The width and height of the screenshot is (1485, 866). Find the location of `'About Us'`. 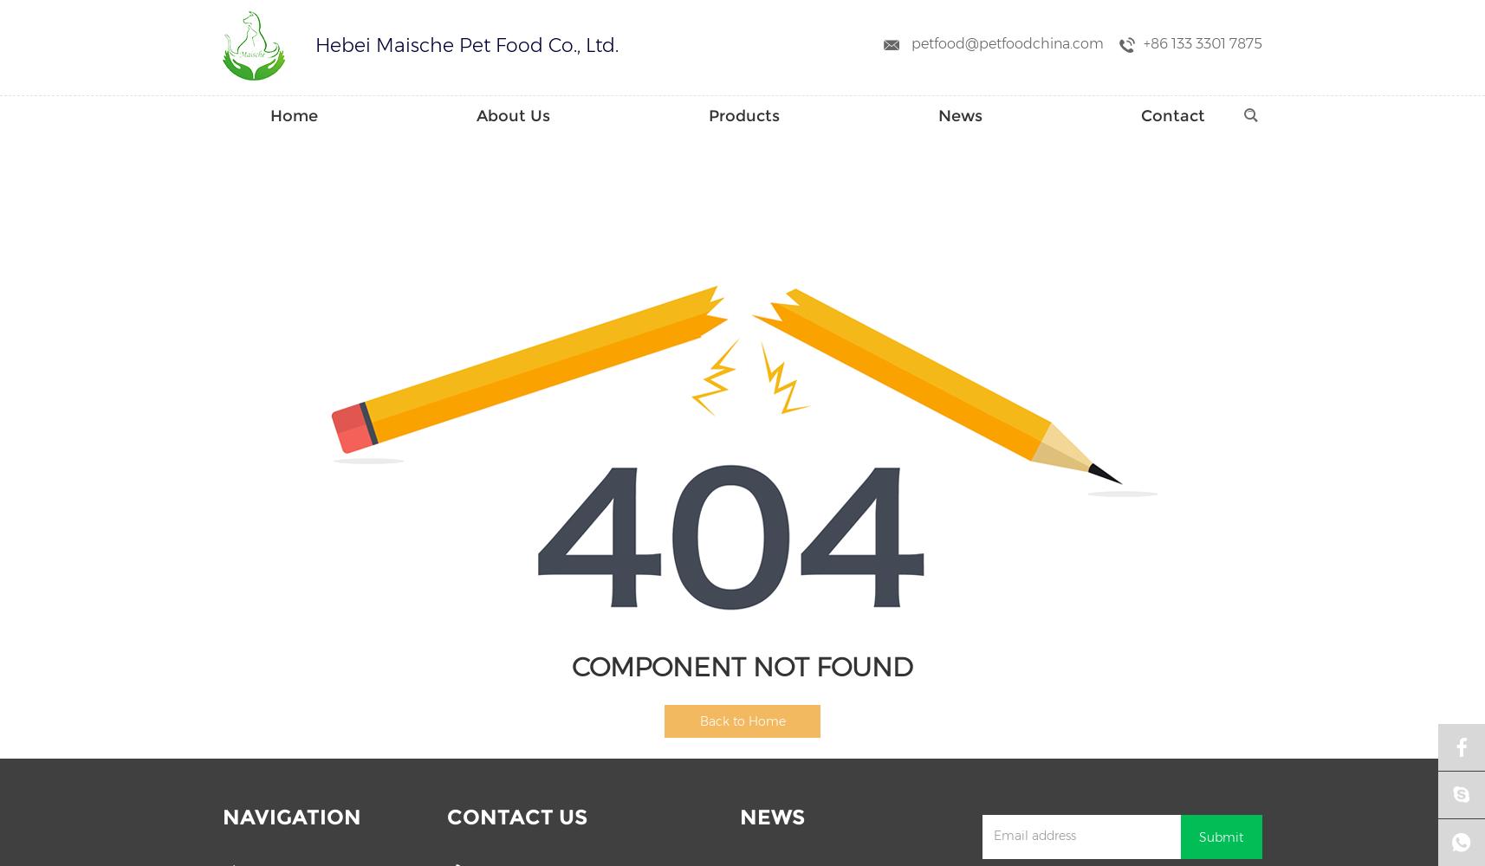

'About Us' is located at coordinates (512, 116).